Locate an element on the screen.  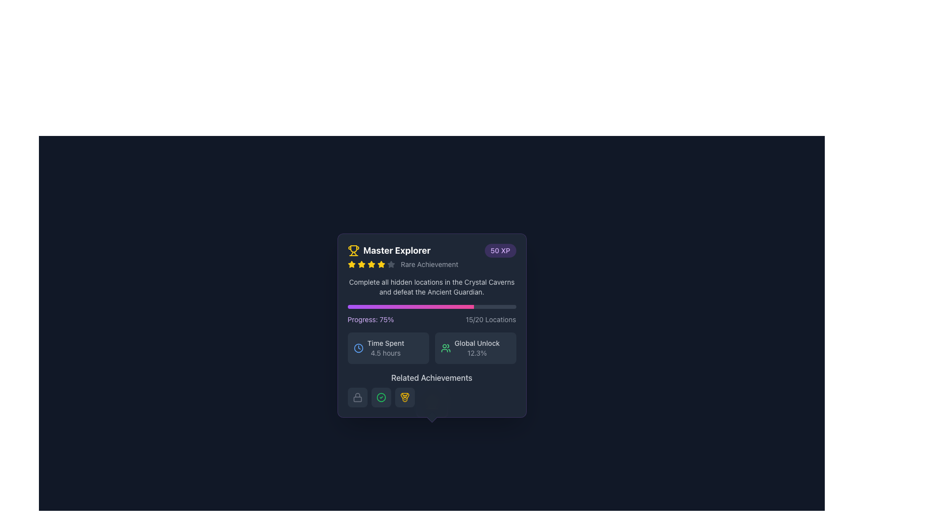
the lock icon located at the bottom portion of the informational card, which signifies a security-related feature and is the first icon is located at coordinates (357, 397).